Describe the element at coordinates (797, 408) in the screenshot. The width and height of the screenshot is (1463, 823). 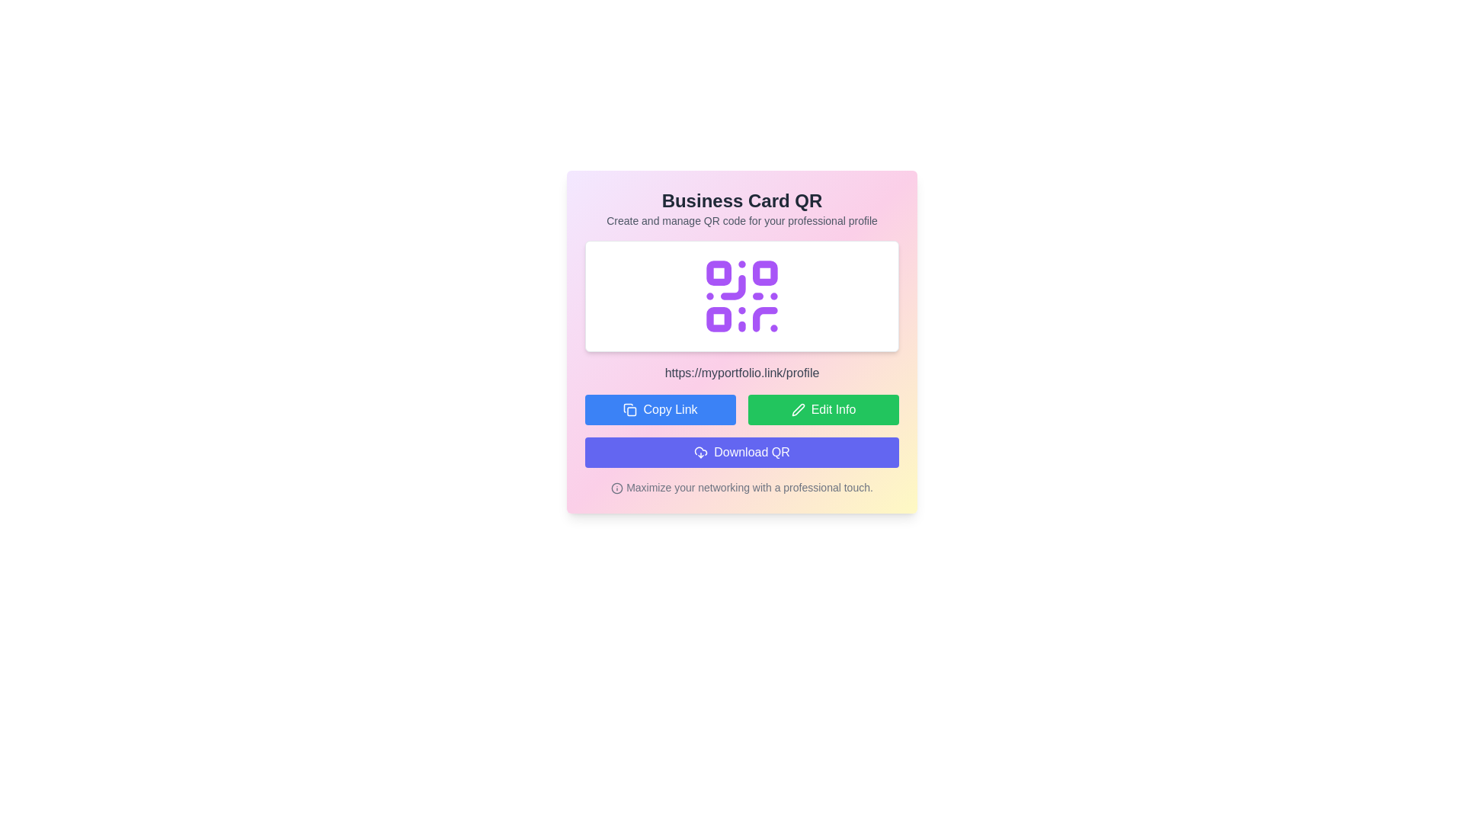
I see `the 'Edit' icon located in the top-right area of the 'Business Card QR' interface card, which is visually represented by an editing icon` at that location.